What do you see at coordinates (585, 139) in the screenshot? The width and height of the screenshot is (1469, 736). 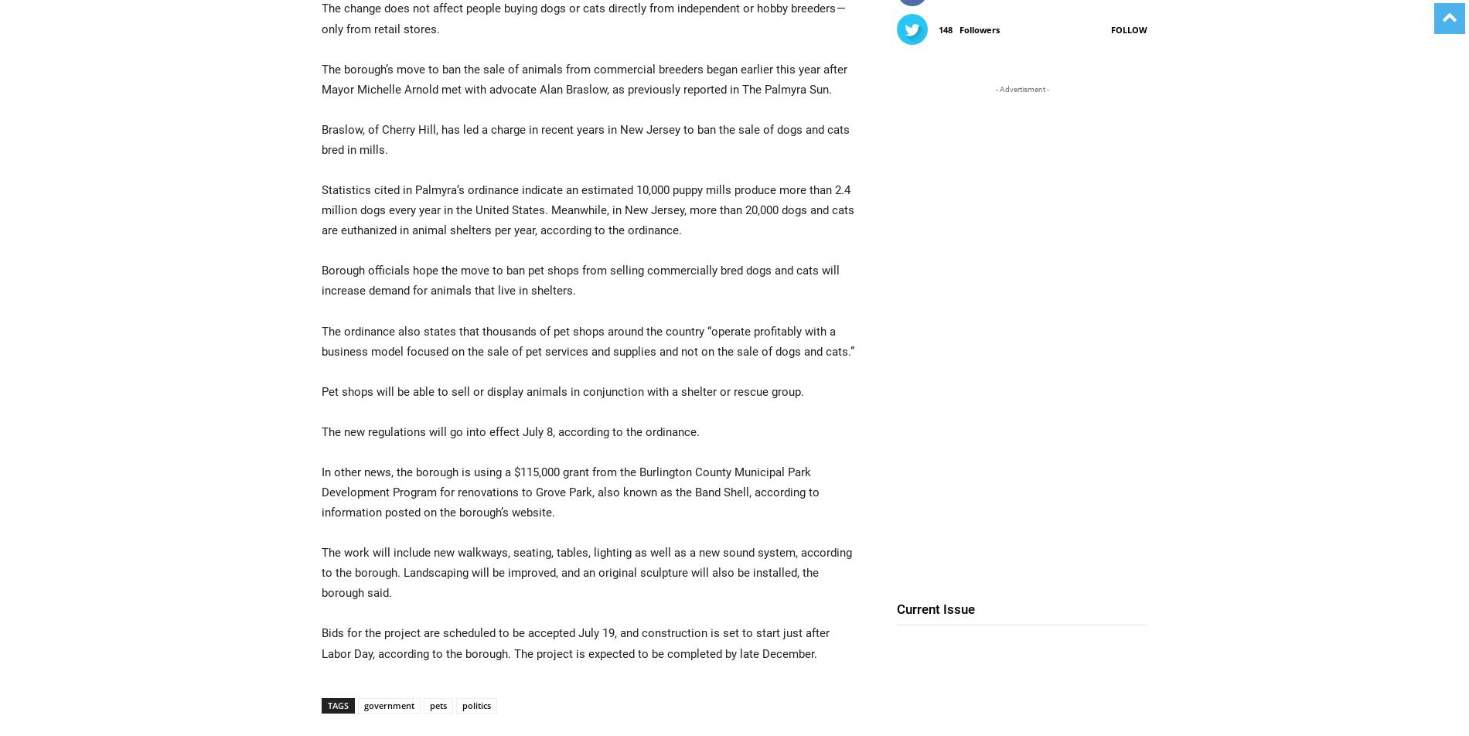 I see `'Braslow, of Cherry Hill, has led a charge in recent years in New Jersey to ban the sale of dogs and cats bred in mills.'` at bounding box center [585, 139].